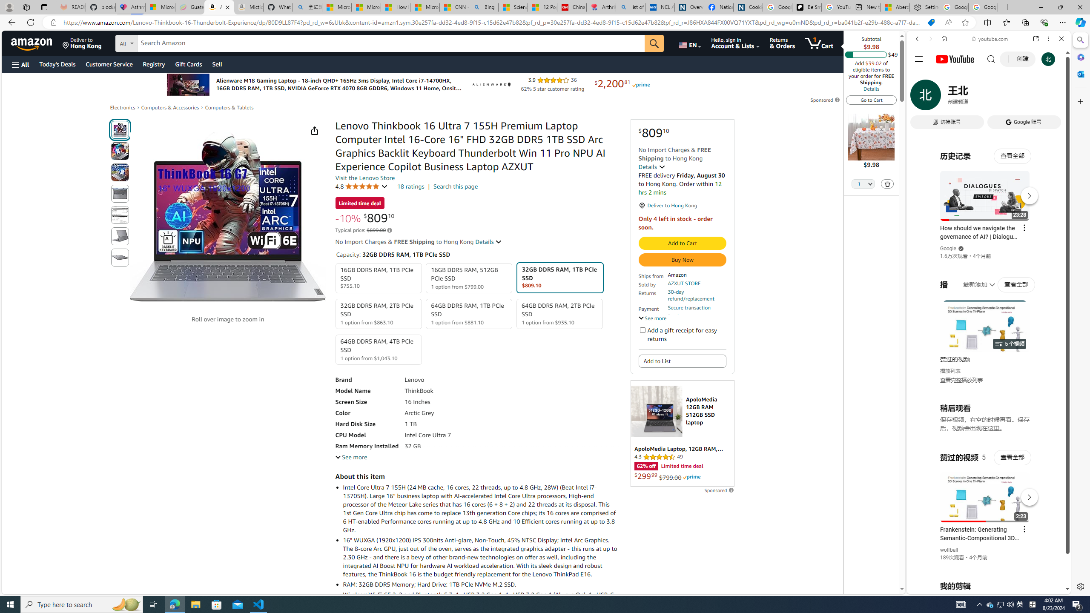 This screenshot has height=613, width=1090. I want to click on 'Collections', so click(1024, 22).